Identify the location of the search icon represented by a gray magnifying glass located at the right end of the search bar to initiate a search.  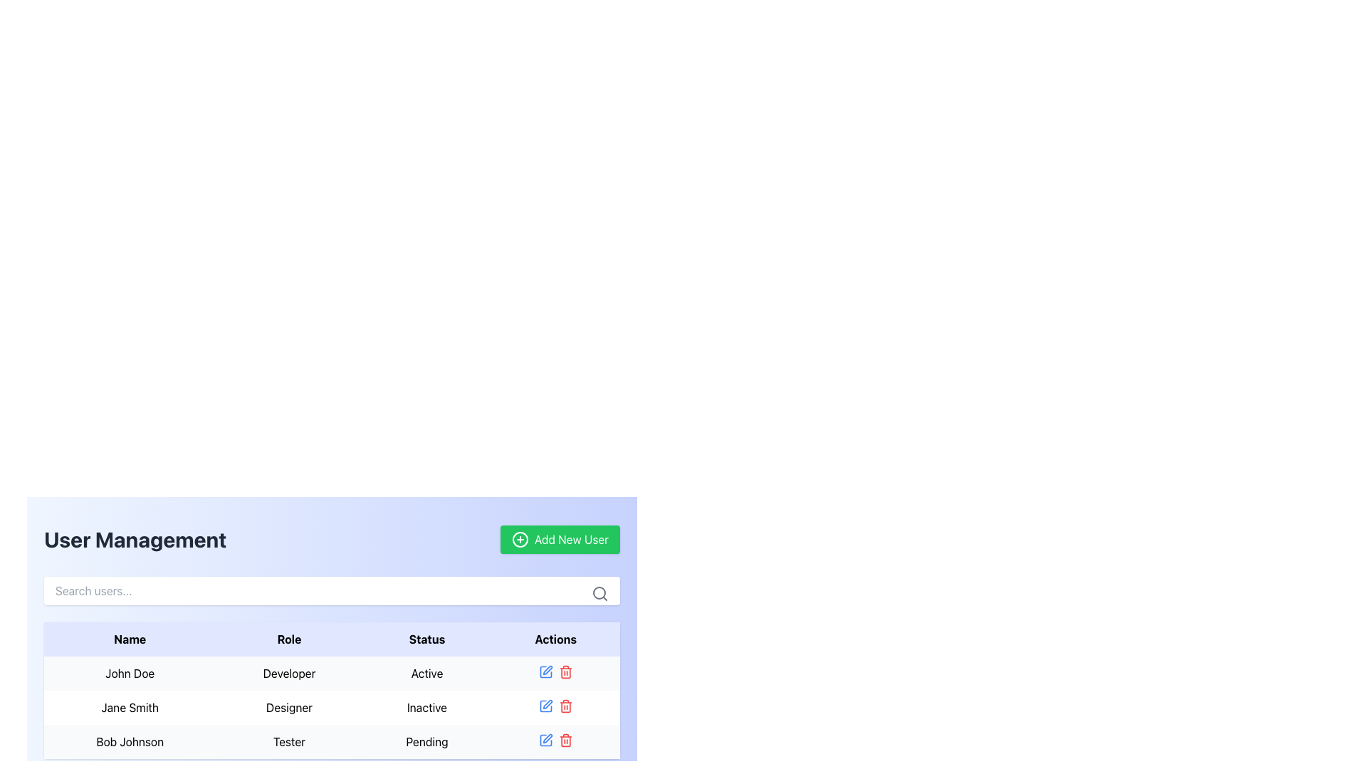
(600, 593).